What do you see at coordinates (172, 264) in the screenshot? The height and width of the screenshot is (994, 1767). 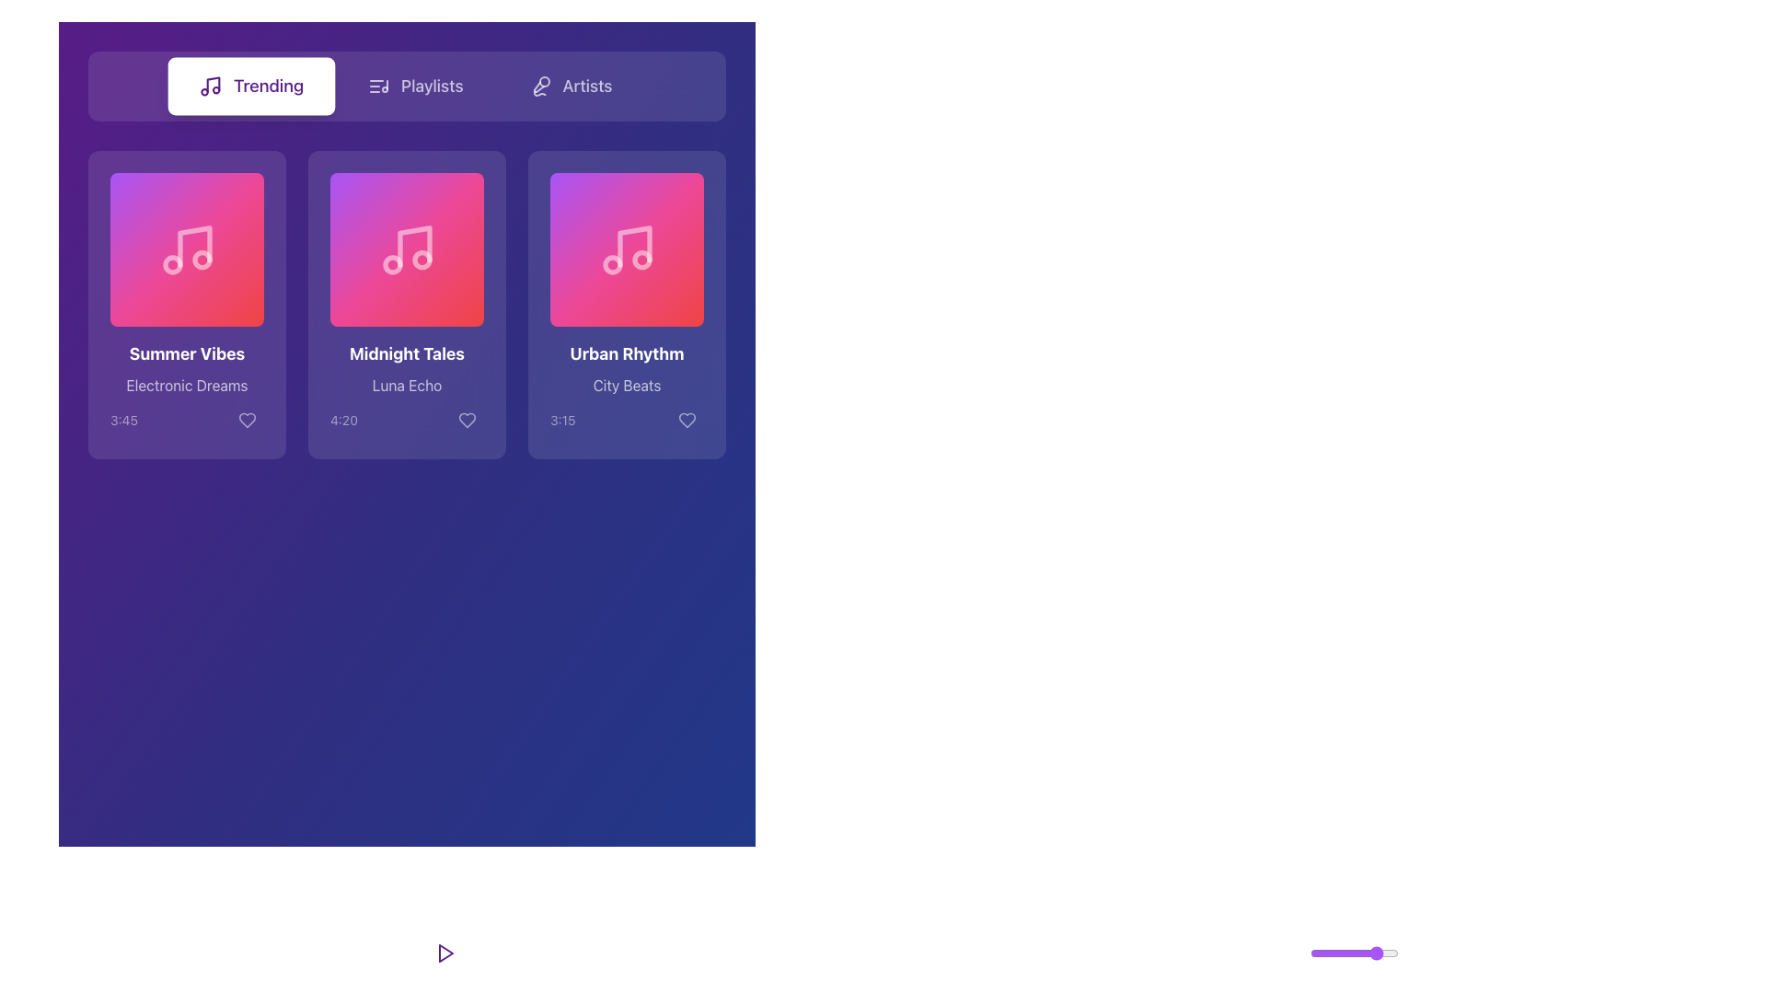 I see `the small SVG circle element that is part of the music note design in the 'Summer Vibes' card located in the trending section` at bounding box center [172, 264].